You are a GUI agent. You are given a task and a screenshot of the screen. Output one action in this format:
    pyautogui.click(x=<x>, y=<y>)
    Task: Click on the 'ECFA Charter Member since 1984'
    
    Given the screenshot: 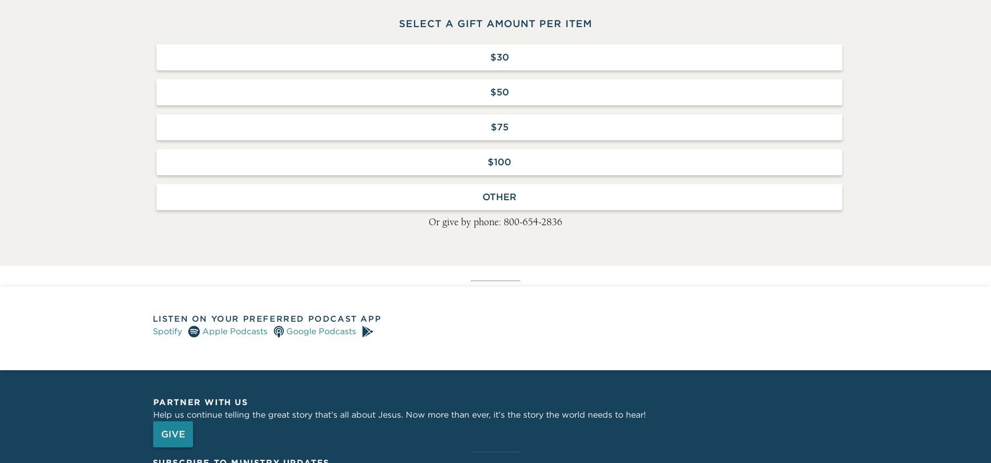 What is the action you would take?
    pyautogui.click(x=429, y=149)
    